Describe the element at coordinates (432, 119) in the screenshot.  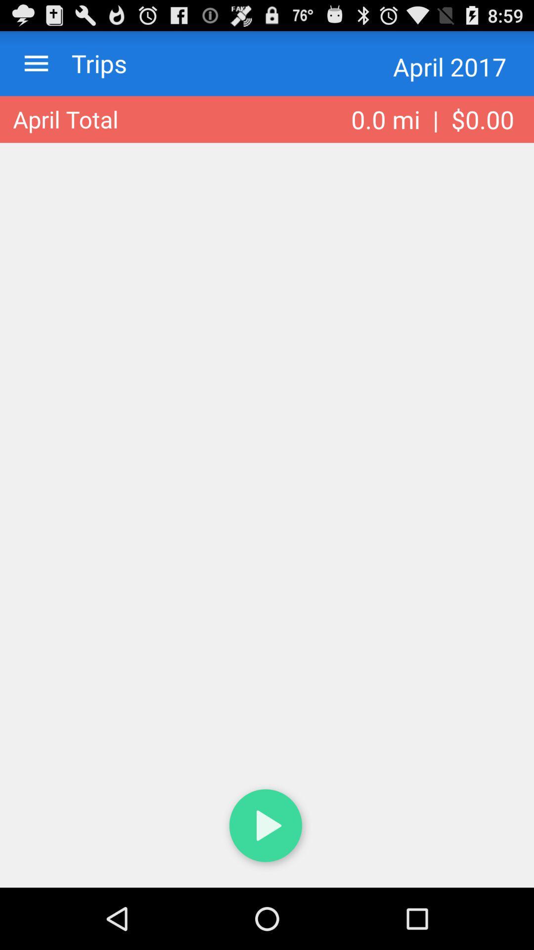
I see `icon below the april 2017` at that location.